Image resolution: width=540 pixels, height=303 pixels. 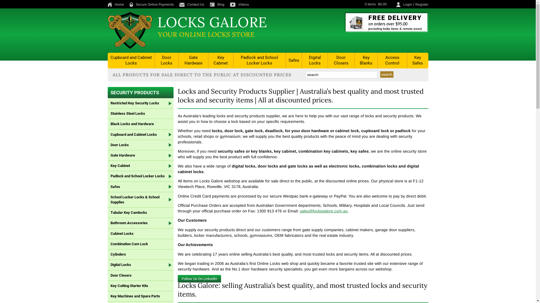 I want to click on 'Access Control', so click(x=392, y=60).